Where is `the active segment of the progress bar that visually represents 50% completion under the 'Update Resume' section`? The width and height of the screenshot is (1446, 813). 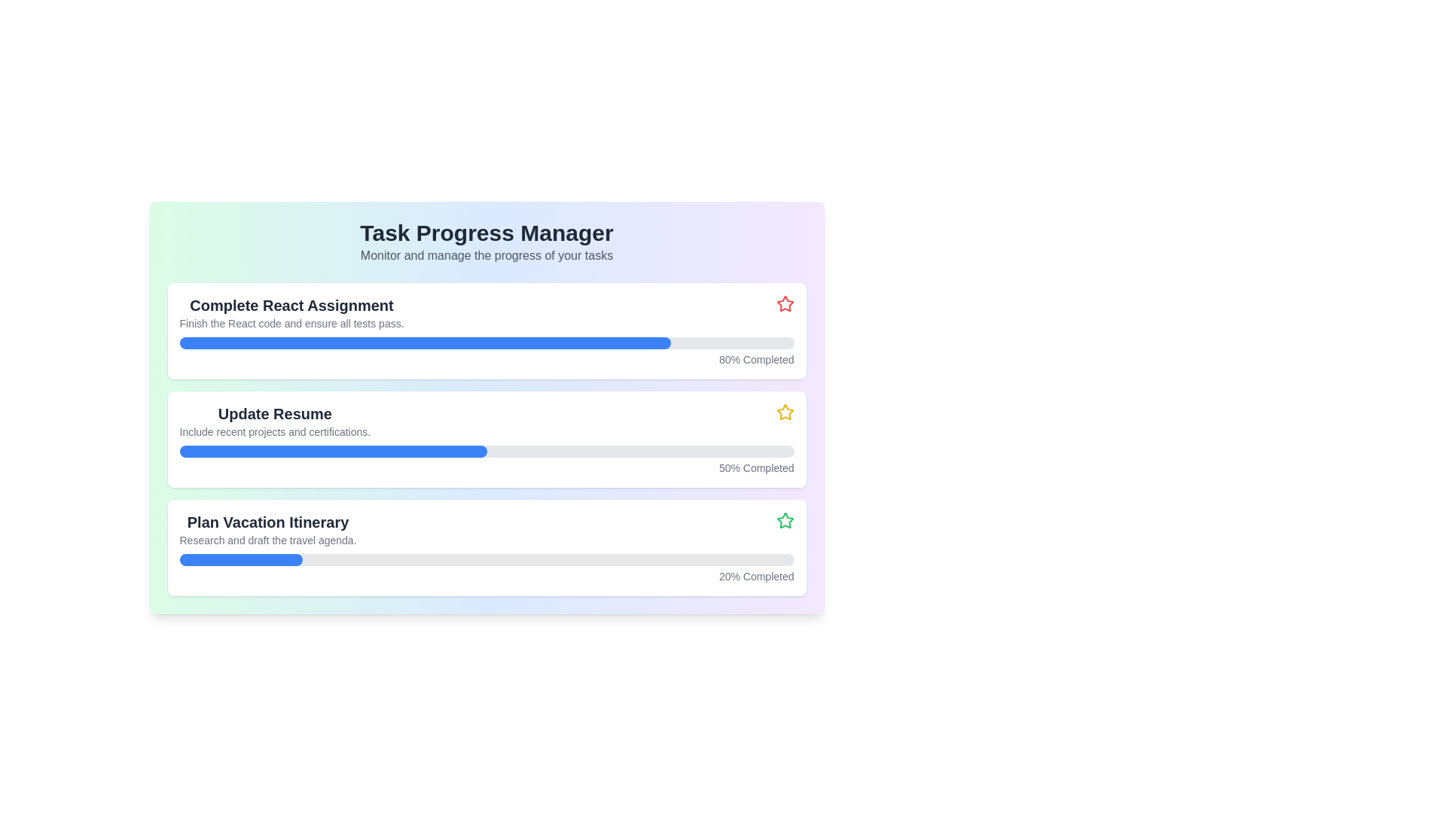
the active segment of the progress bar that visually represents 50% completion under the 'Update Resume' section is located at coordinates (332, 451).